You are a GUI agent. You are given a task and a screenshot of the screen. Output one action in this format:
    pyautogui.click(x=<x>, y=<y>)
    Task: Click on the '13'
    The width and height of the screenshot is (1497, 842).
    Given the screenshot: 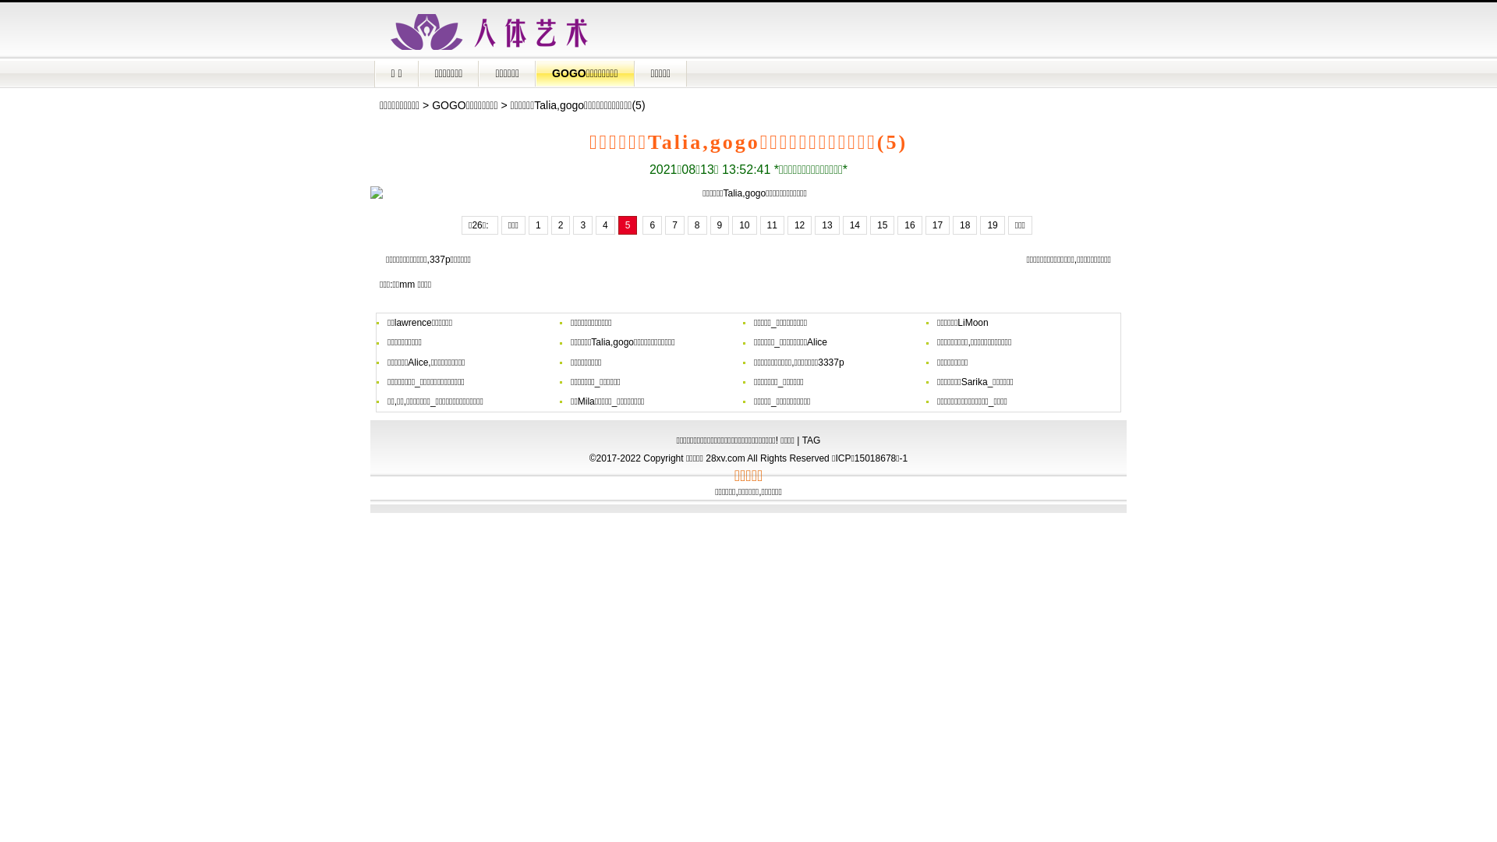 What is the action you would take?
    pyautogui.click(x=826, y=225)
    